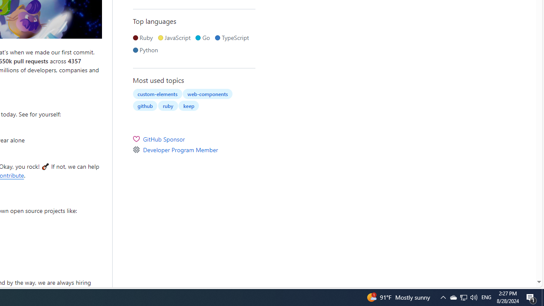 The height and width of the screenshot is (306, 544). What do you see at coordinates (204, 37) in the screenshot?
I see `'Go'` at bounding box center [204, 37].